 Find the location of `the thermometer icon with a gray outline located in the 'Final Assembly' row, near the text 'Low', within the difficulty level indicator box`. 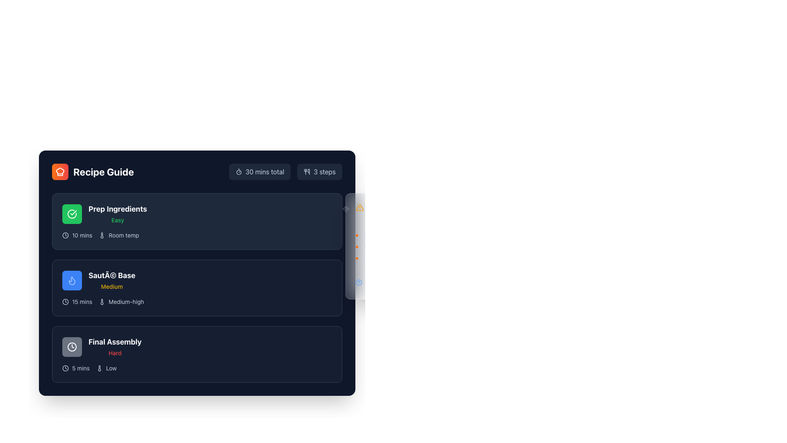

the thermometer icon with a gray outline located in the 'Final Assembly' row, near the text 'Low', within the difficulty level indicator box is located at coordinates (99, 368).